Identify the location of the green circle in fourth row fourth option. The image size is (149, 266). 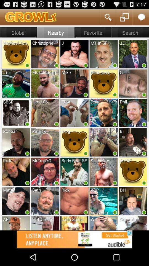
(115, 154).